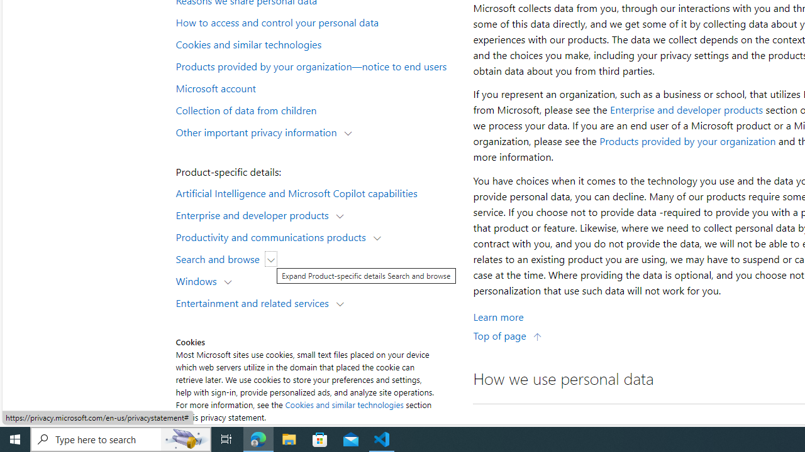 The image size is (805, 452). Describe the element at coordinates (508, 335) in the screenshot. I see `'Top of page'` at that location.